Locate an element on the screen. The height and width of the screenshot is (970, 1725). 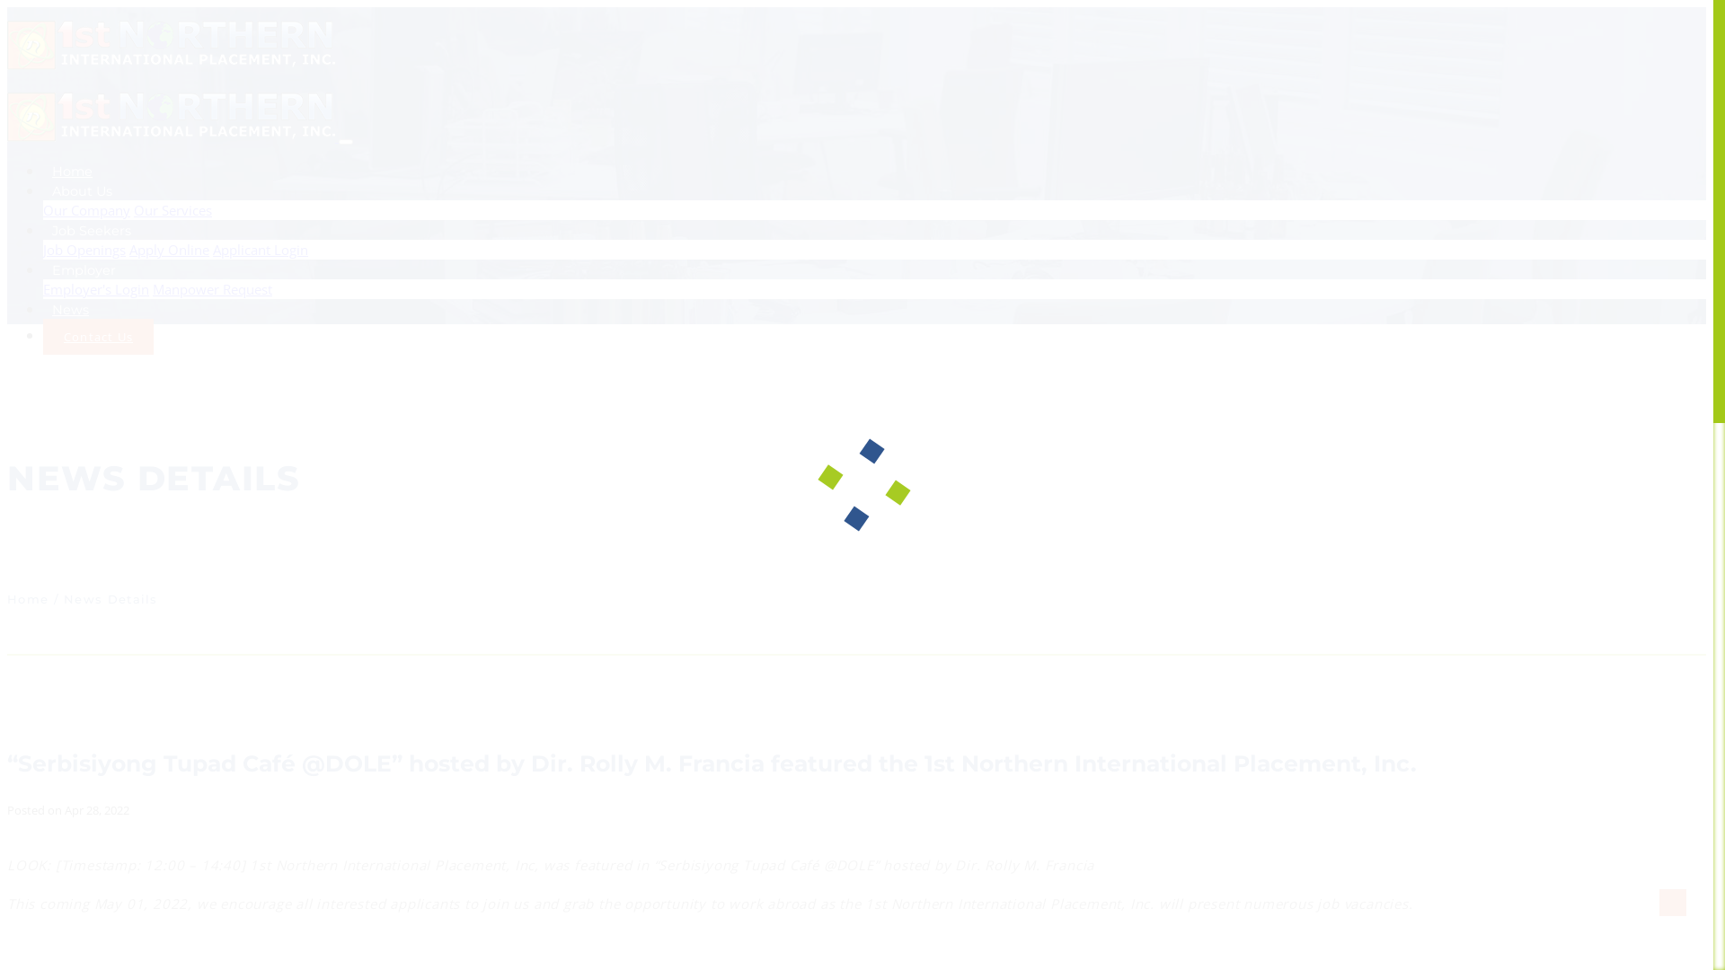
'Contact Us' is located at coordinates (97, 336).